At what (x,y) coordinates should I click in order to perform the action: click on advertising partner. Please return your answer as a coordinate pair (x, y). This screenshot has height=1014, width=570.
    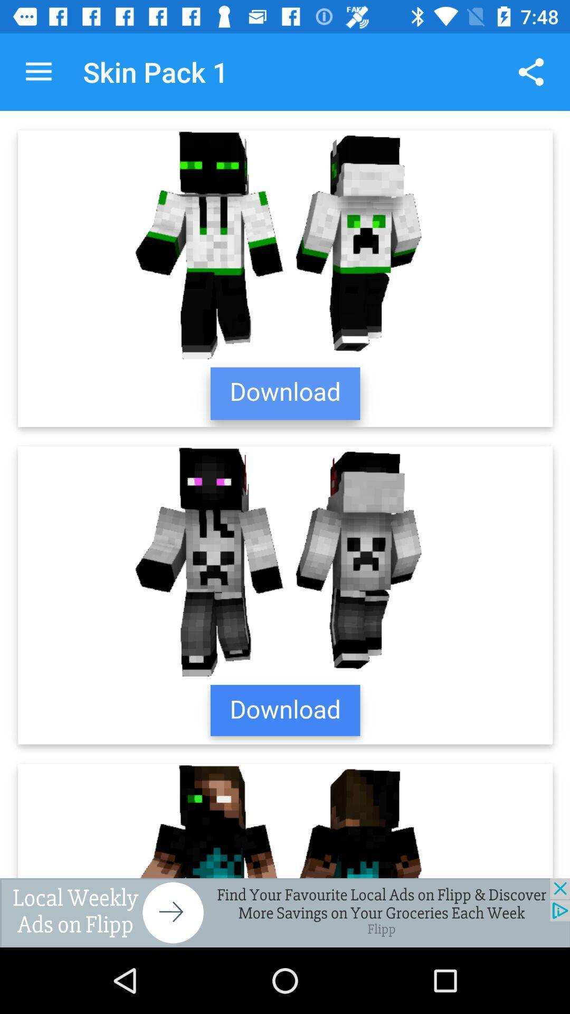
    Looking at the image, I should click on (285, 912).